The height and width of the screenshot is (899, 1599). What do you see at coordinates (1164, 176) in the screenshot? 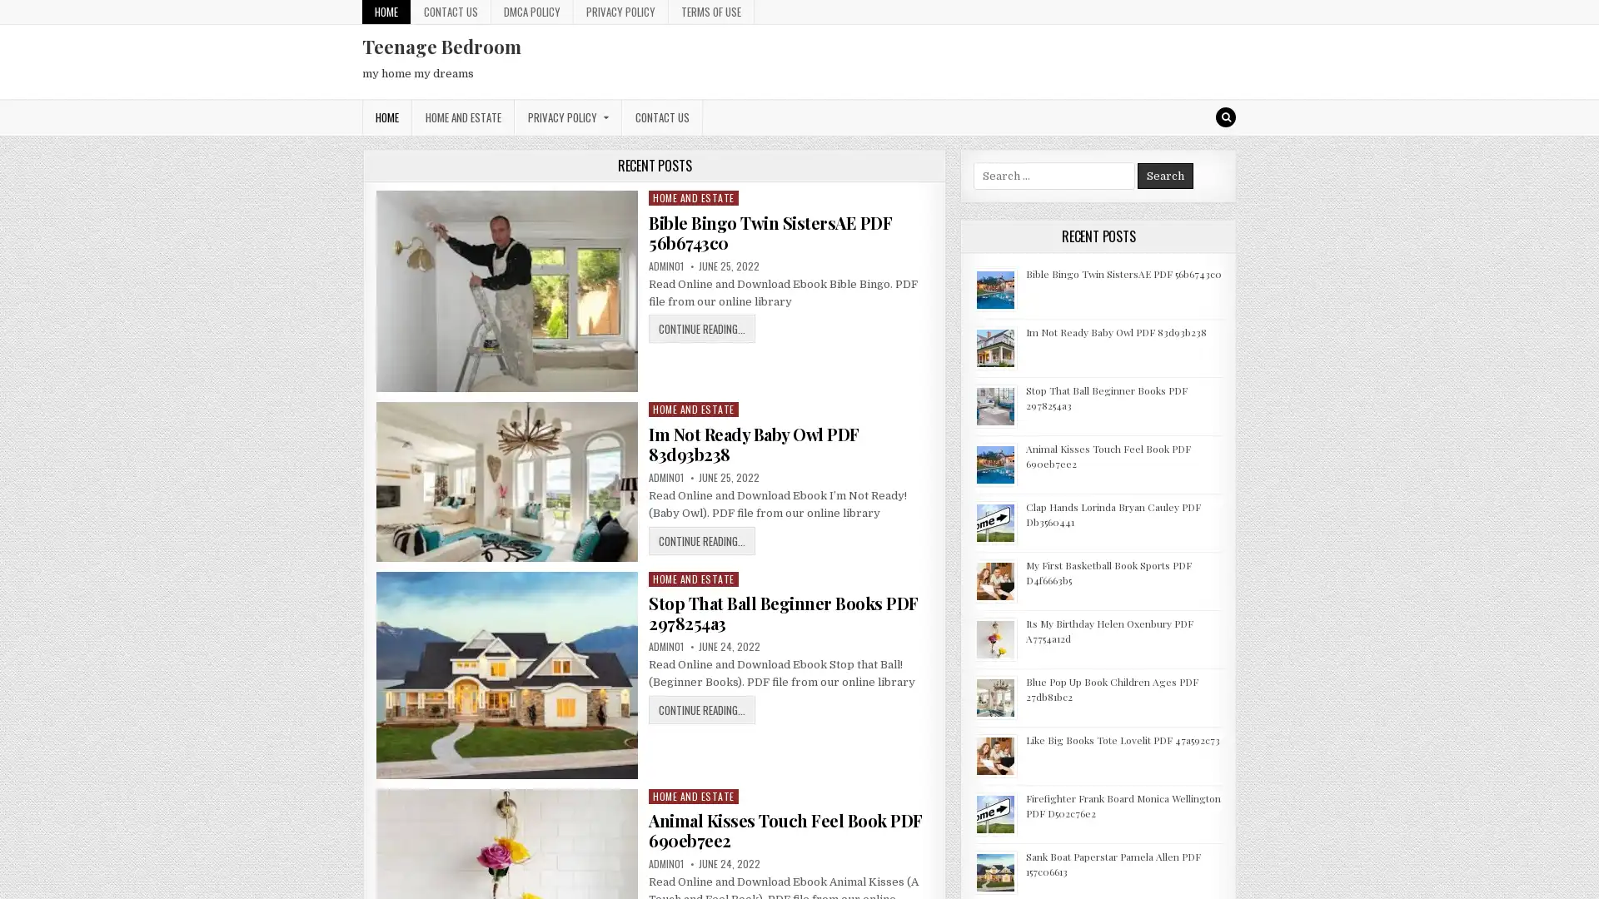
I see `Search` at bounding box center [1164, 176].